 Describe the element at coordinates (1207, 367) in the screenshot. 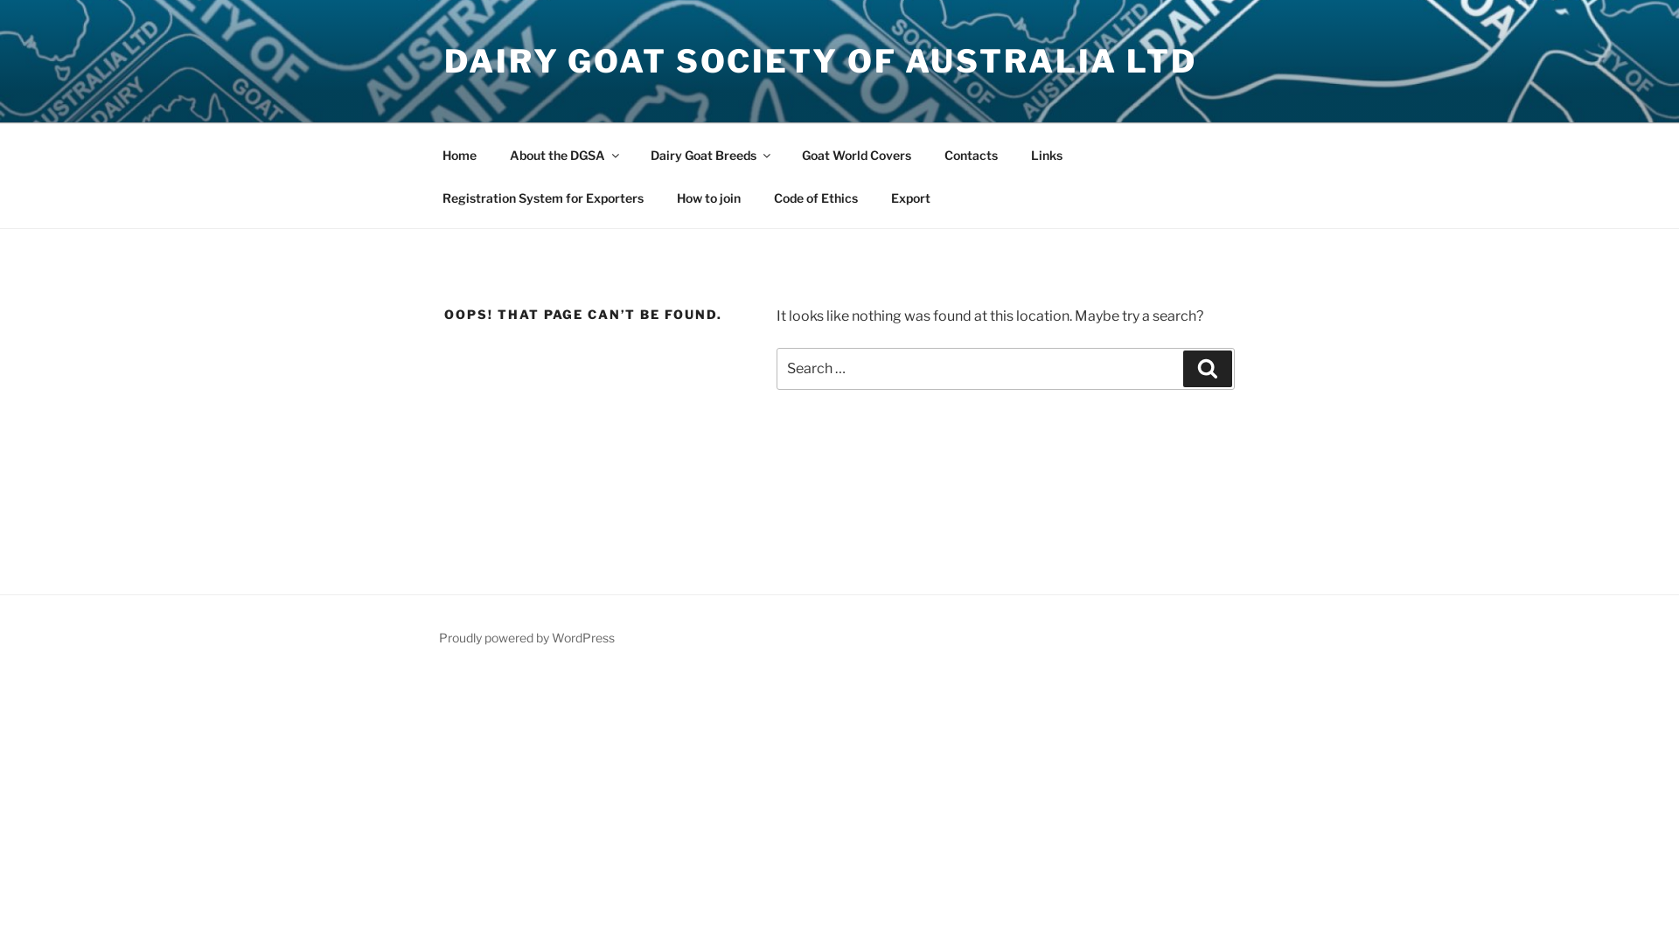

I see `'Search'` at that location.